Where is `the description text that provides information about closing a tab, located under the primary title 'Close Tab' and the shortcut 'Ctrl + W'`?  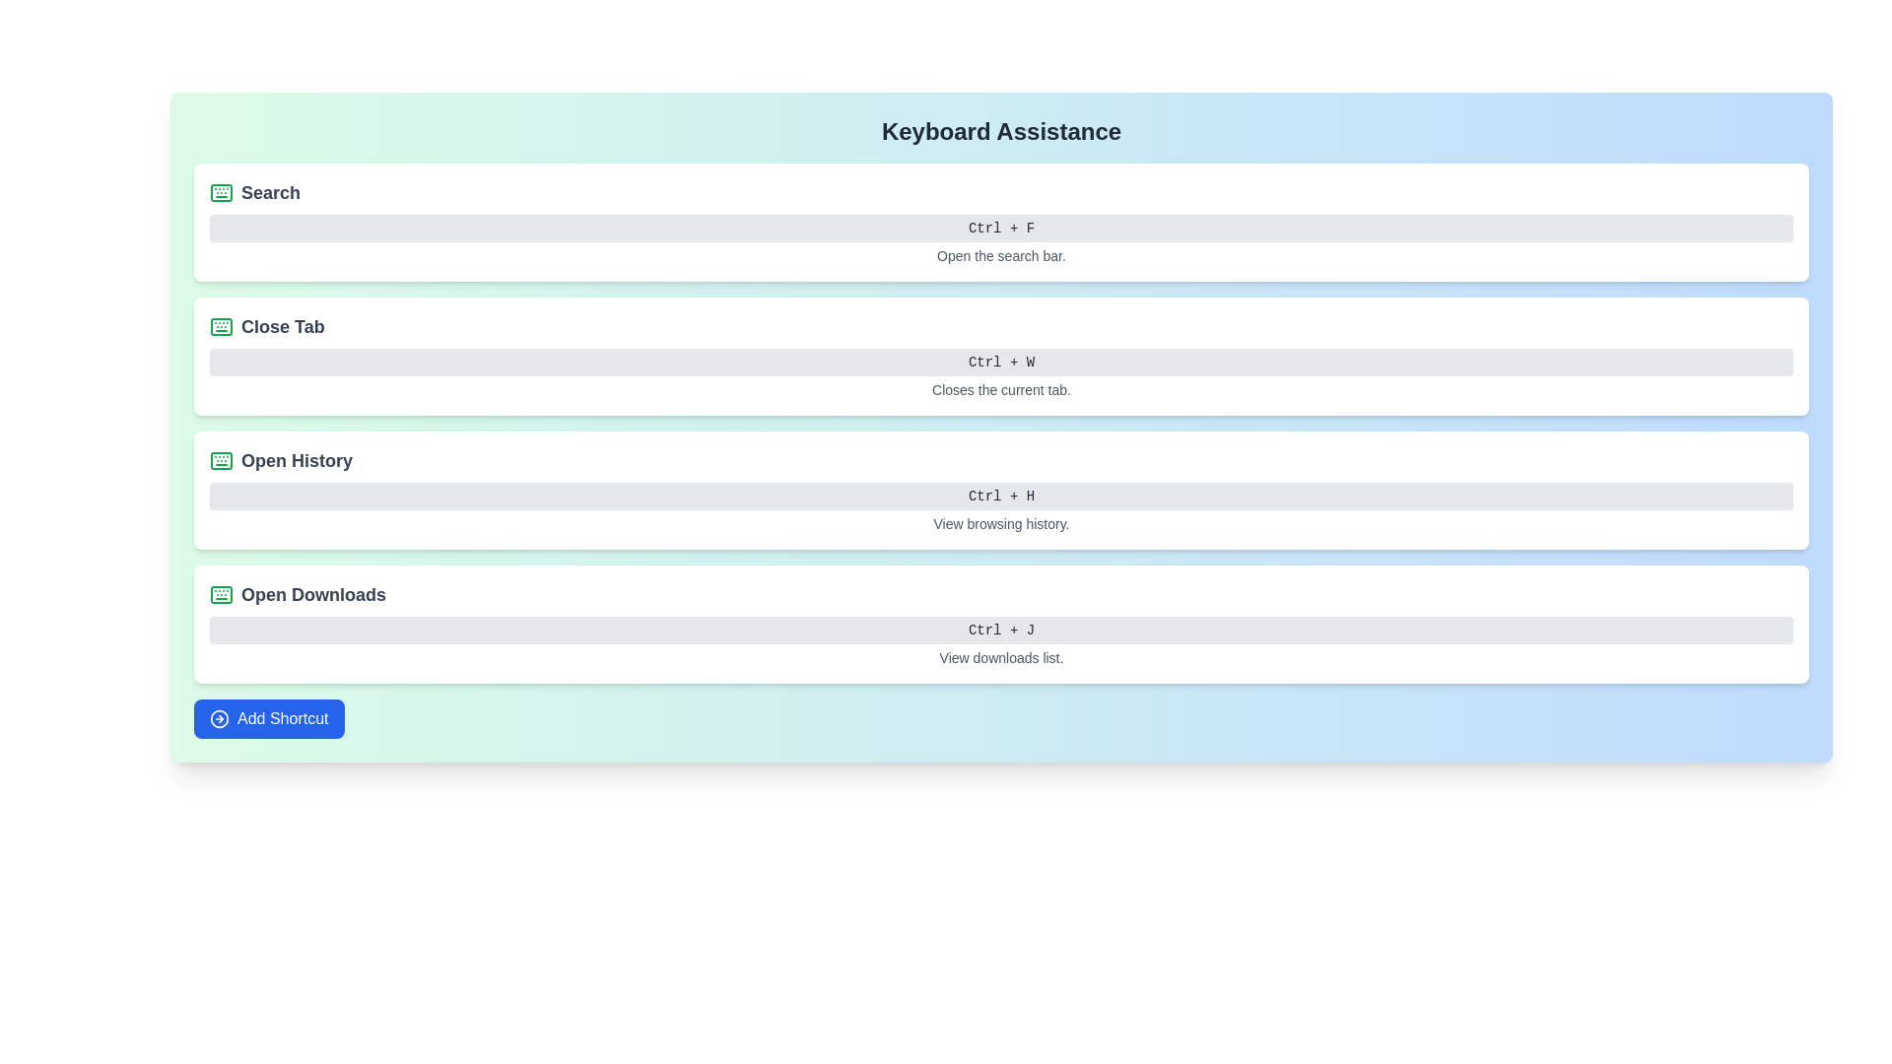 the description text that provides information about closing a tab, located under the primary title 'Close Tab' and the shortcut 'Ctrl + W' is located at coordinates (1001, 390).